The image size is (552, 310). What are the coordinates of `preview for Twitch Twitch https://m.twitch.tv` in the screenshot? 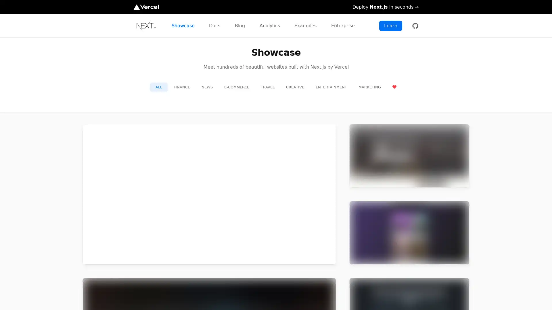 It's located at (409, 232).